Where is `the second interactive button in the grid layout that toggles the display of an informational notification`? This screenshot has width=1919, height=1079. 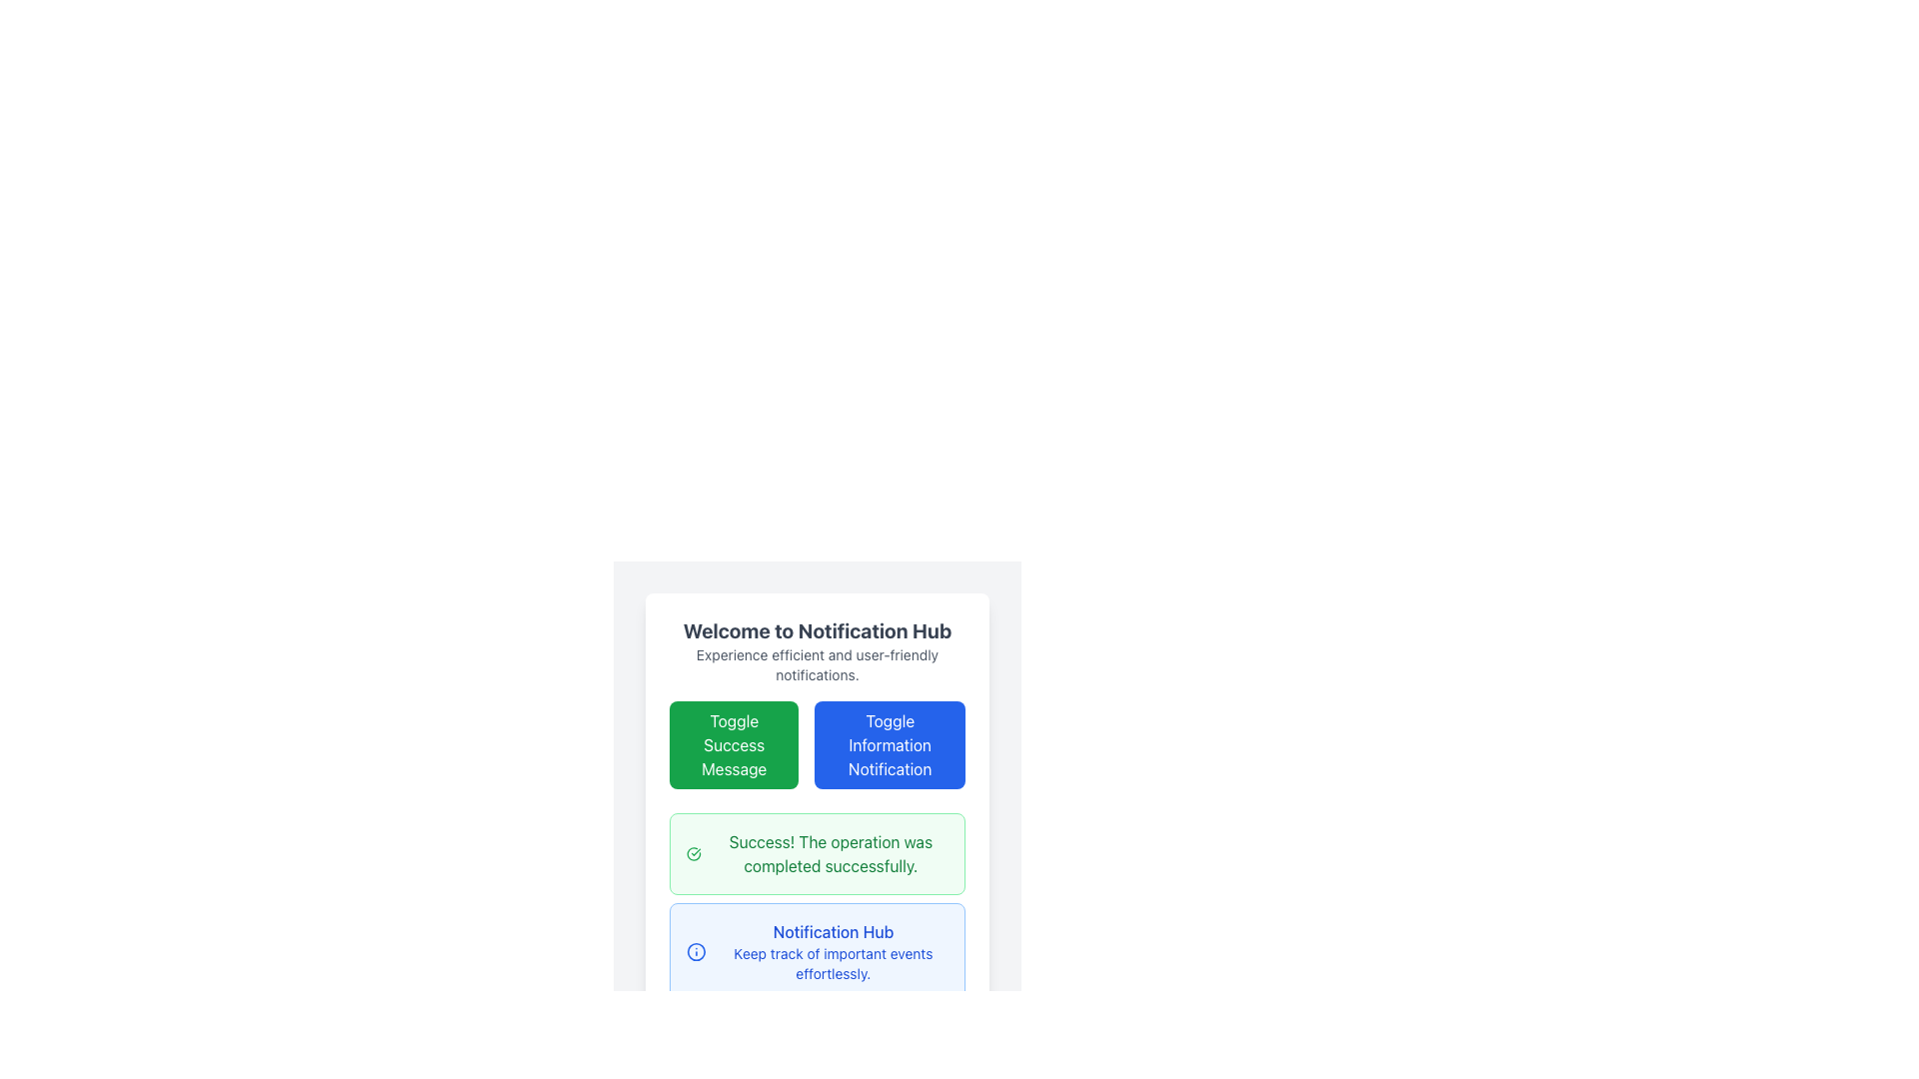 the second interactive button in the grid layout that toggles the display of an informational notification is located at coordinates (817, 763).